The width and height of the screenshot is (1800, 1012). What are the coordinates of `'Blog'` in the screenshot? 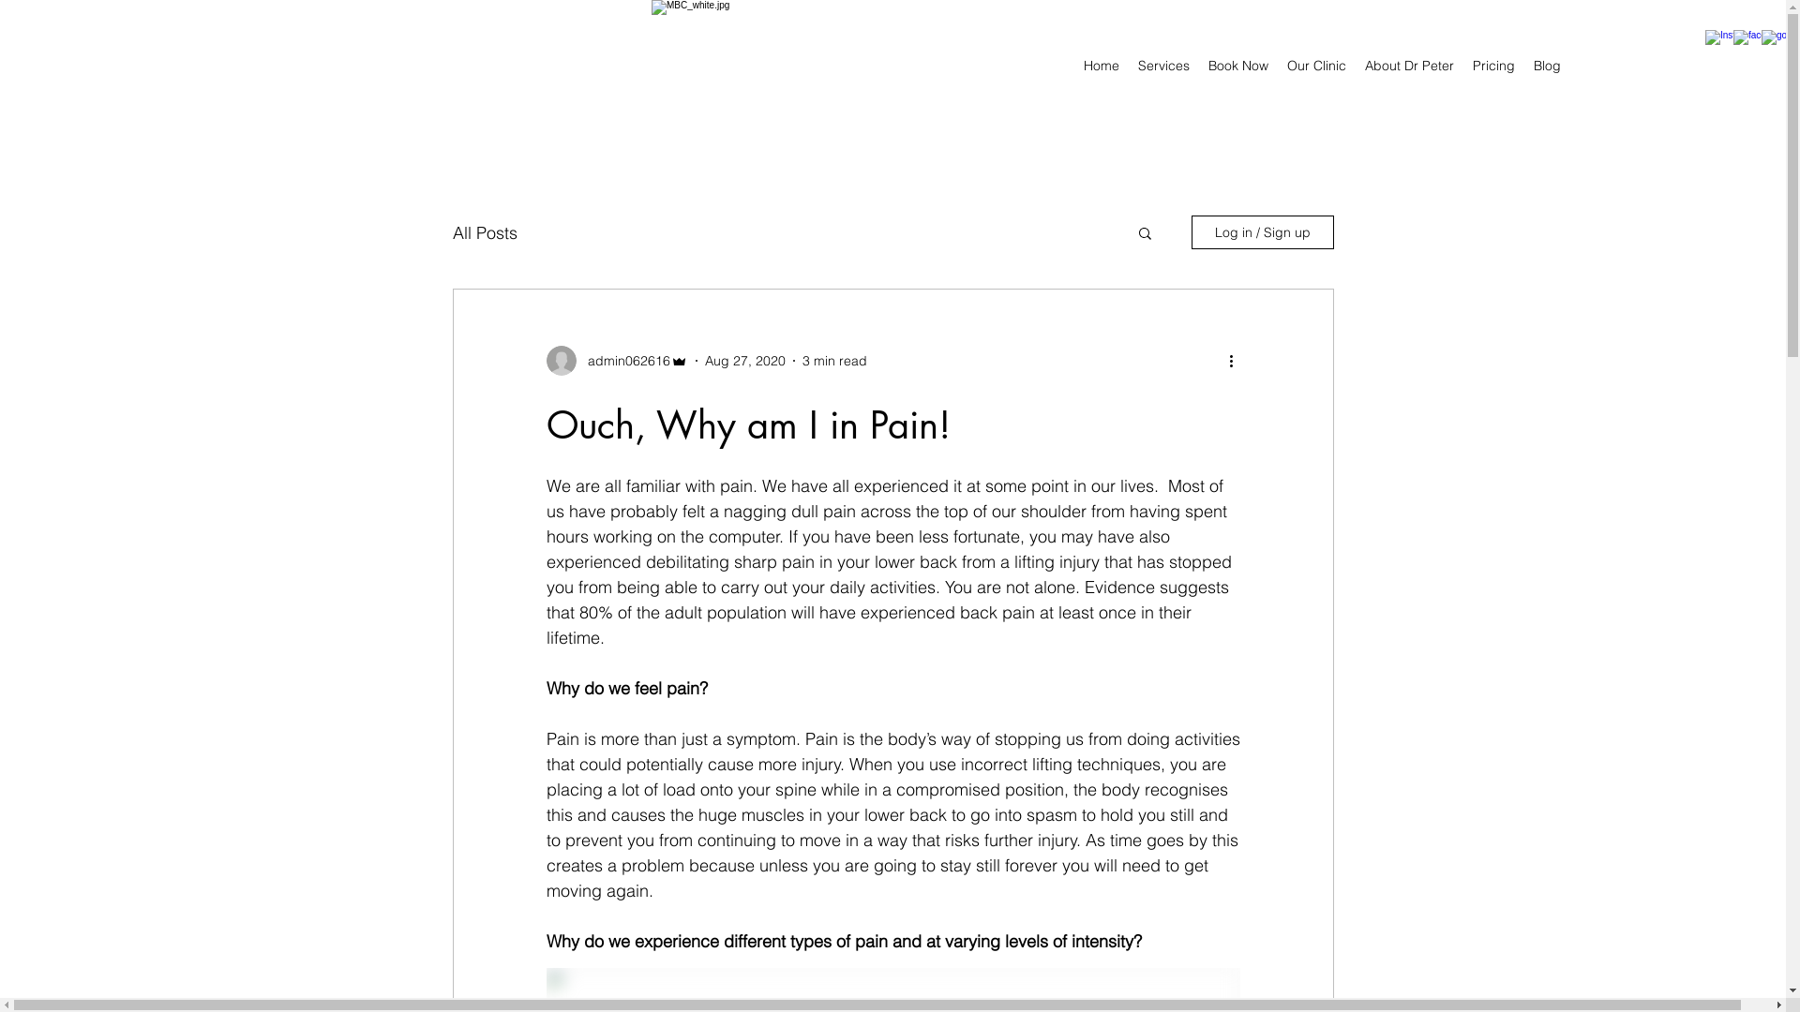 It's located at (1524, 64).